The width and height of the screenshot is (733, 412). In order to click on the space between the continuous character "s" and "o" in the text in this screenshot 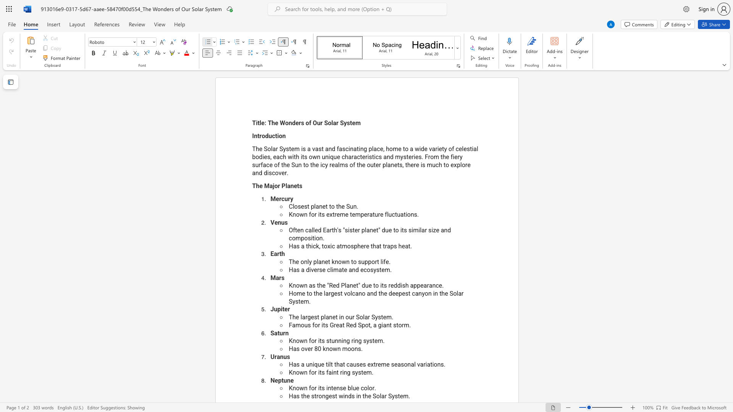, I will do `click(404, 364)`.